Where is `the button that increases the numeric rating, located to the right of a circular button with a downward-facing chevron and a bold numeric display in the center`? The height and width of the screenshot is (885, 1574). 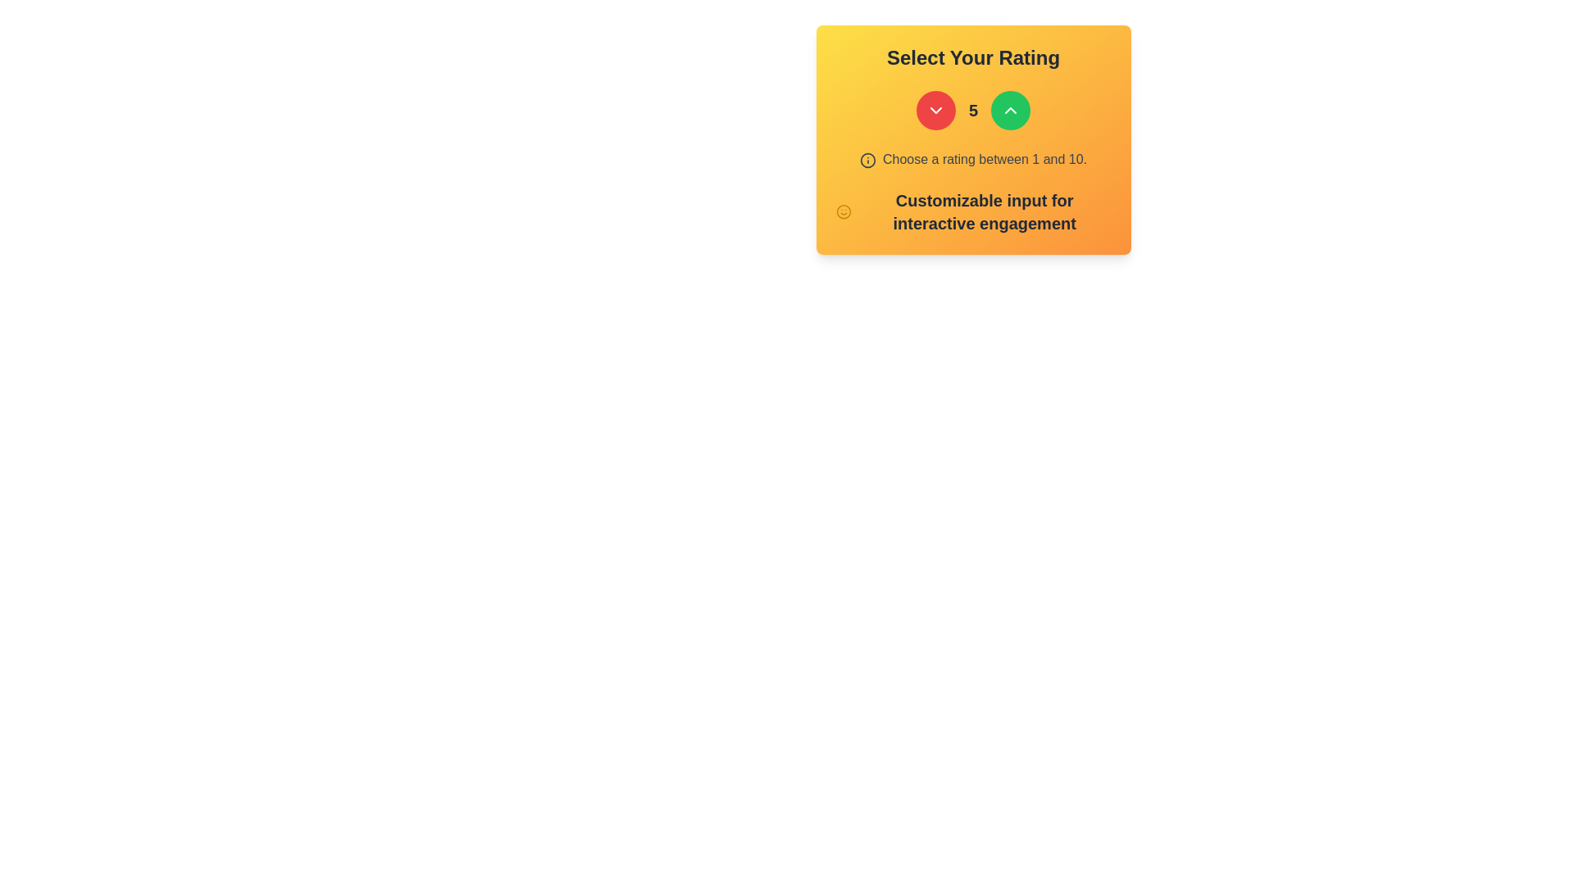 the button that increases the numeric rating, located to the right of a circular button with a downward-facing chevron and a bold numeric display in the center is located at coordinates (1010, 111).